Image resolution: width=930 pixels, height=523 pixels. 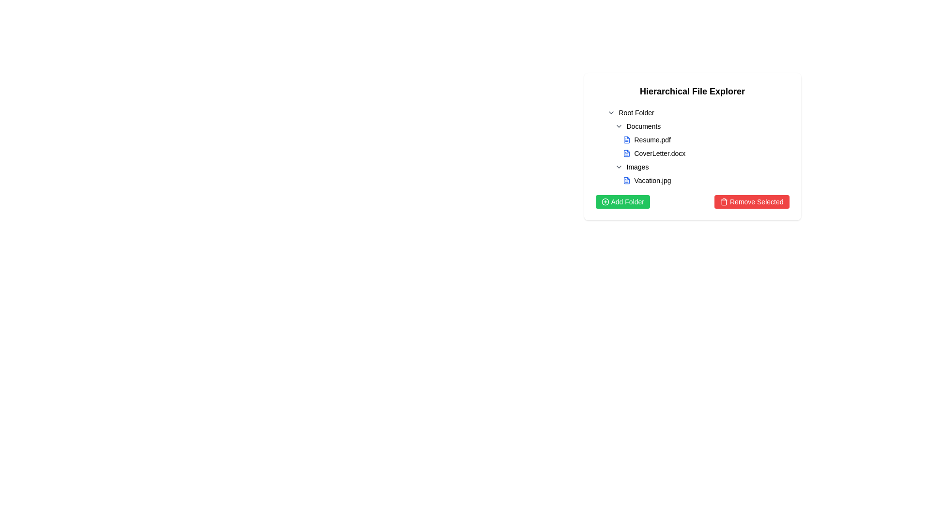 I want to click on text displayed in bold and slightly enlarged font, which says 'Hierarchical File Explorer', located at the top section of the hierarchical file explorer interface, so click(x=692, y=92).